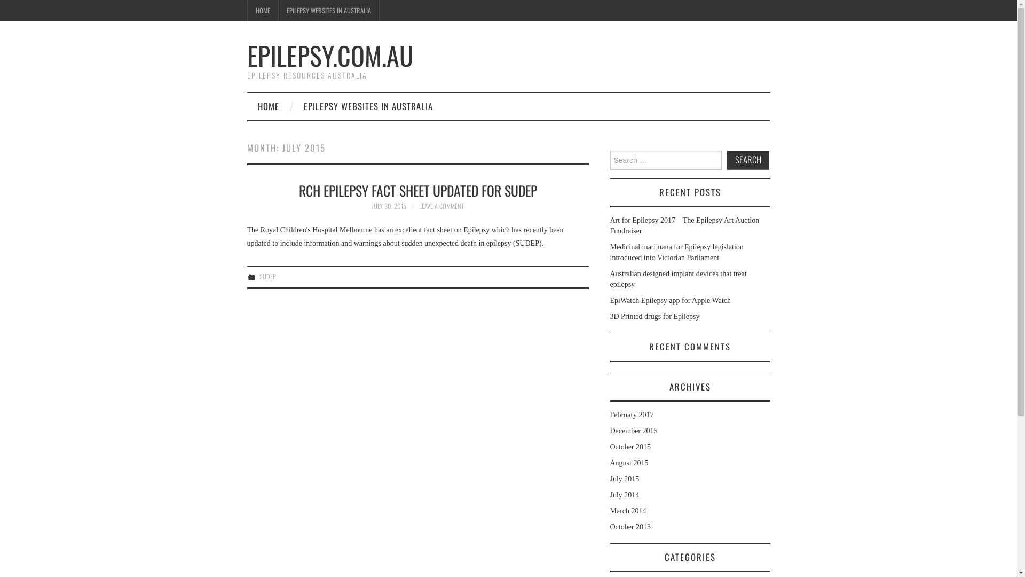 The height and width of the screenshot is (577, 1025). Describe the element at coordinates (328, 10) in the screenshot. I see `'EPILEPSY WEBSITES IN AUSTRALIA'` at that location.